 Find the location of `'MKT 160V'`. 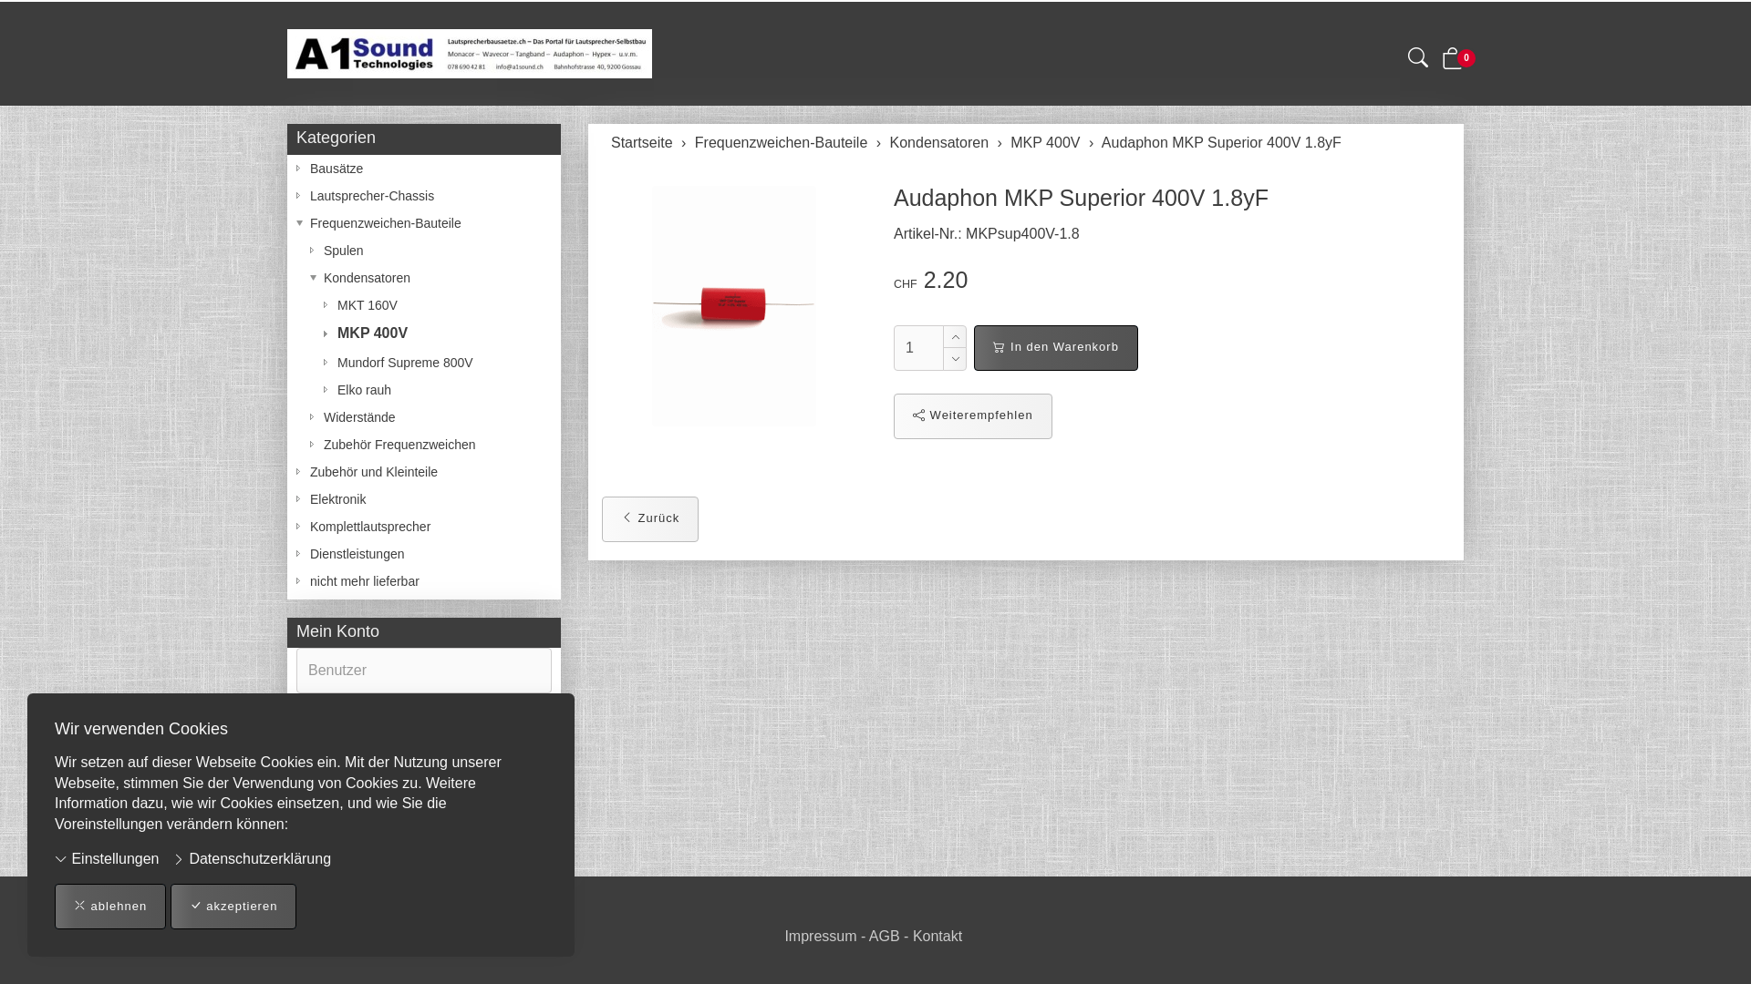

'MKT 160V' is located at coordinates (423, 304).